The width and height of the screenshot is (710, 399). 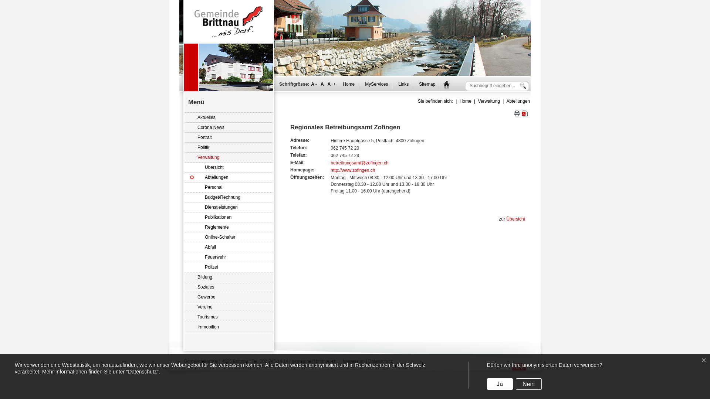 I want to click on 'Sitemap', so click(x=427, y=83).